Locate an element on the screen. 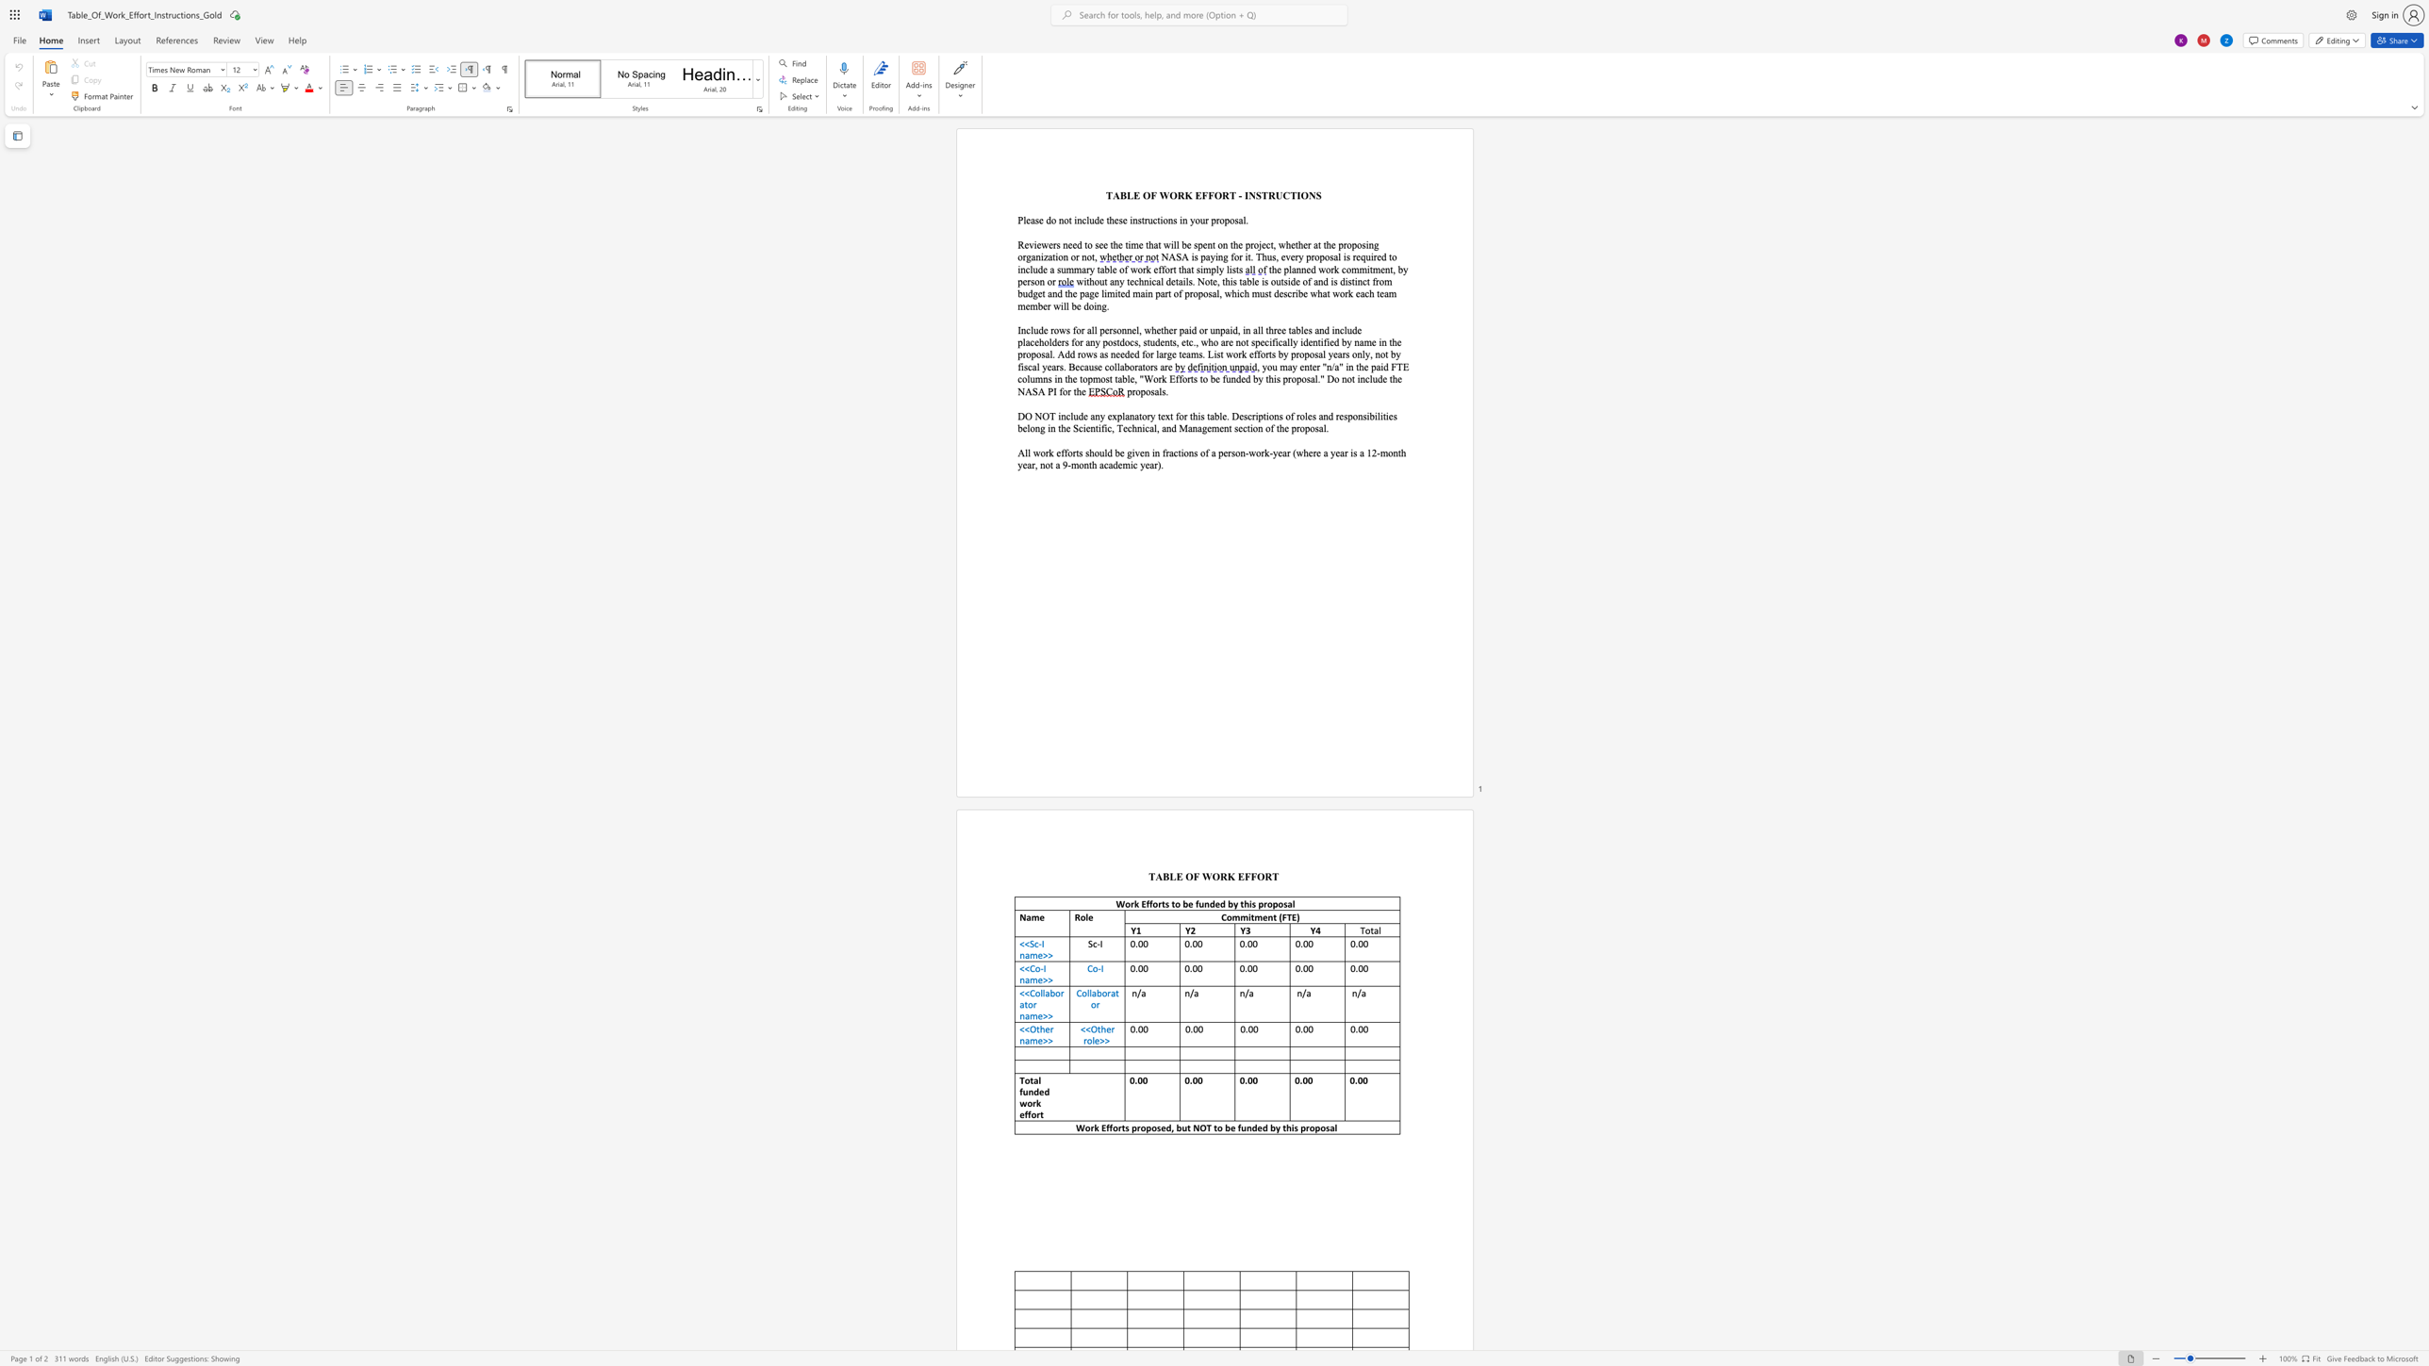 The height and width of the screenshot is (1366, 2429). the 3th character "f" in the text is located at coordinates (1196, 902).